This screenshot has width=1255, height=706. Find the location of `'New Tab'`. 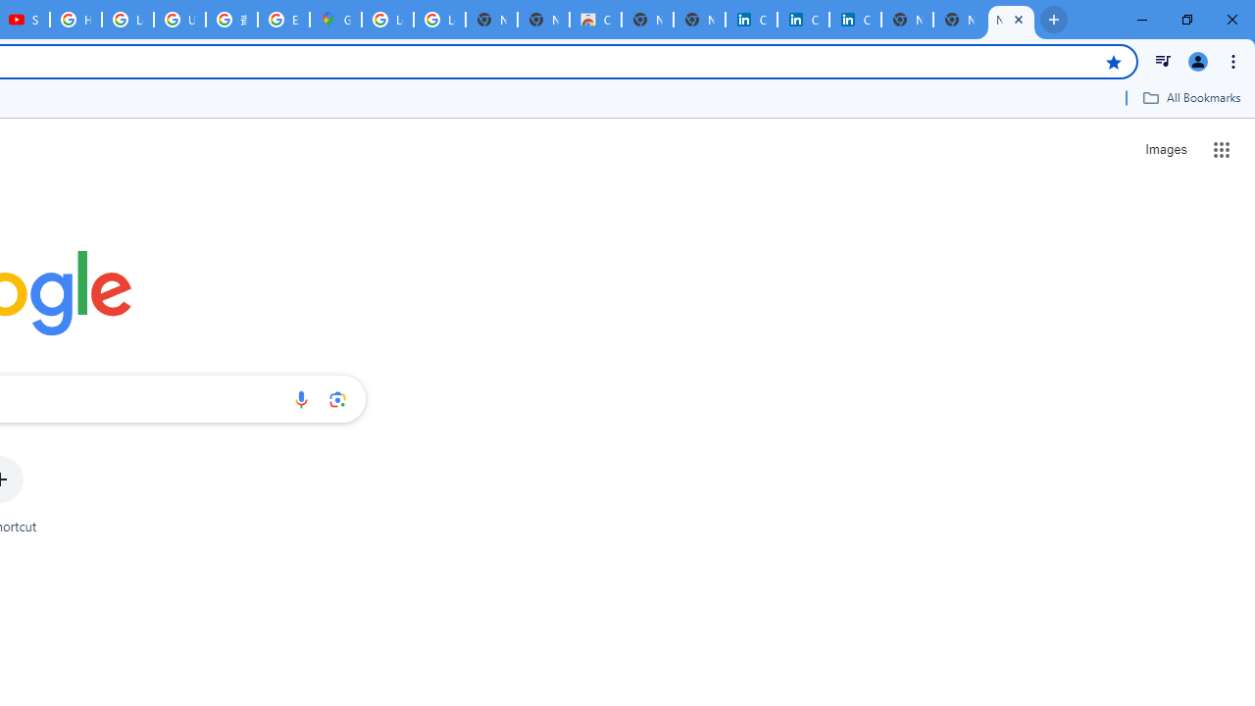

'New Tab' is located at coordinates (1011, 20).